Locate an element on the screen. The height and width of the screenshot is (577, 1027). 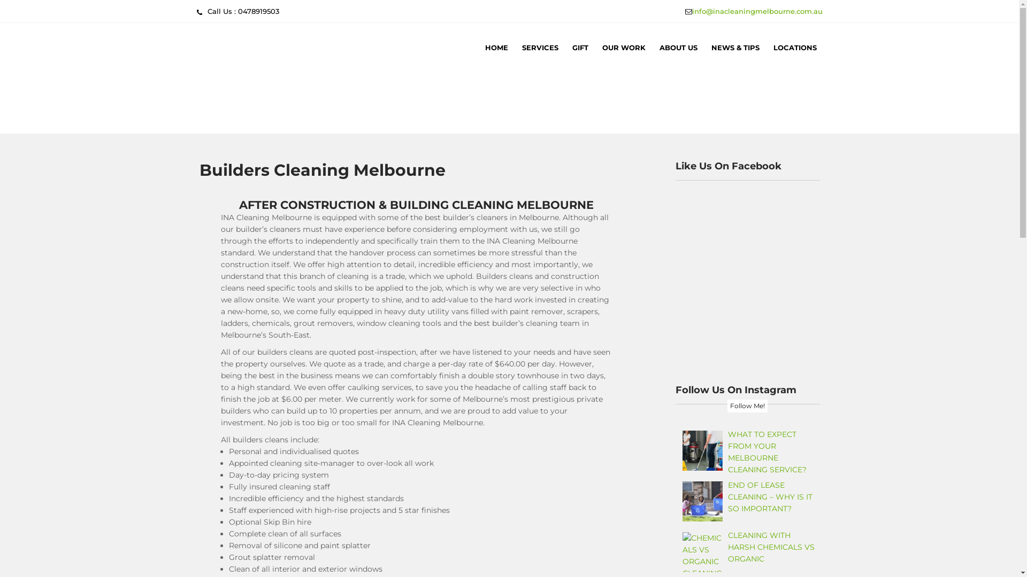
'OUR WORK' is located at coordinates (623, 46).